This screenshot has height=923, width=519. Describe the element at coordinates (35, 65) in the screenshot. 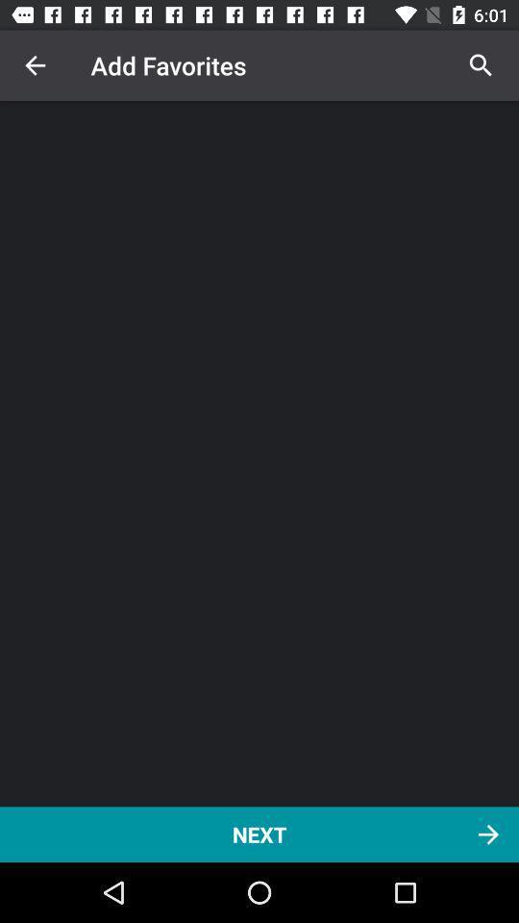

I see `the icon above next item` at that location.